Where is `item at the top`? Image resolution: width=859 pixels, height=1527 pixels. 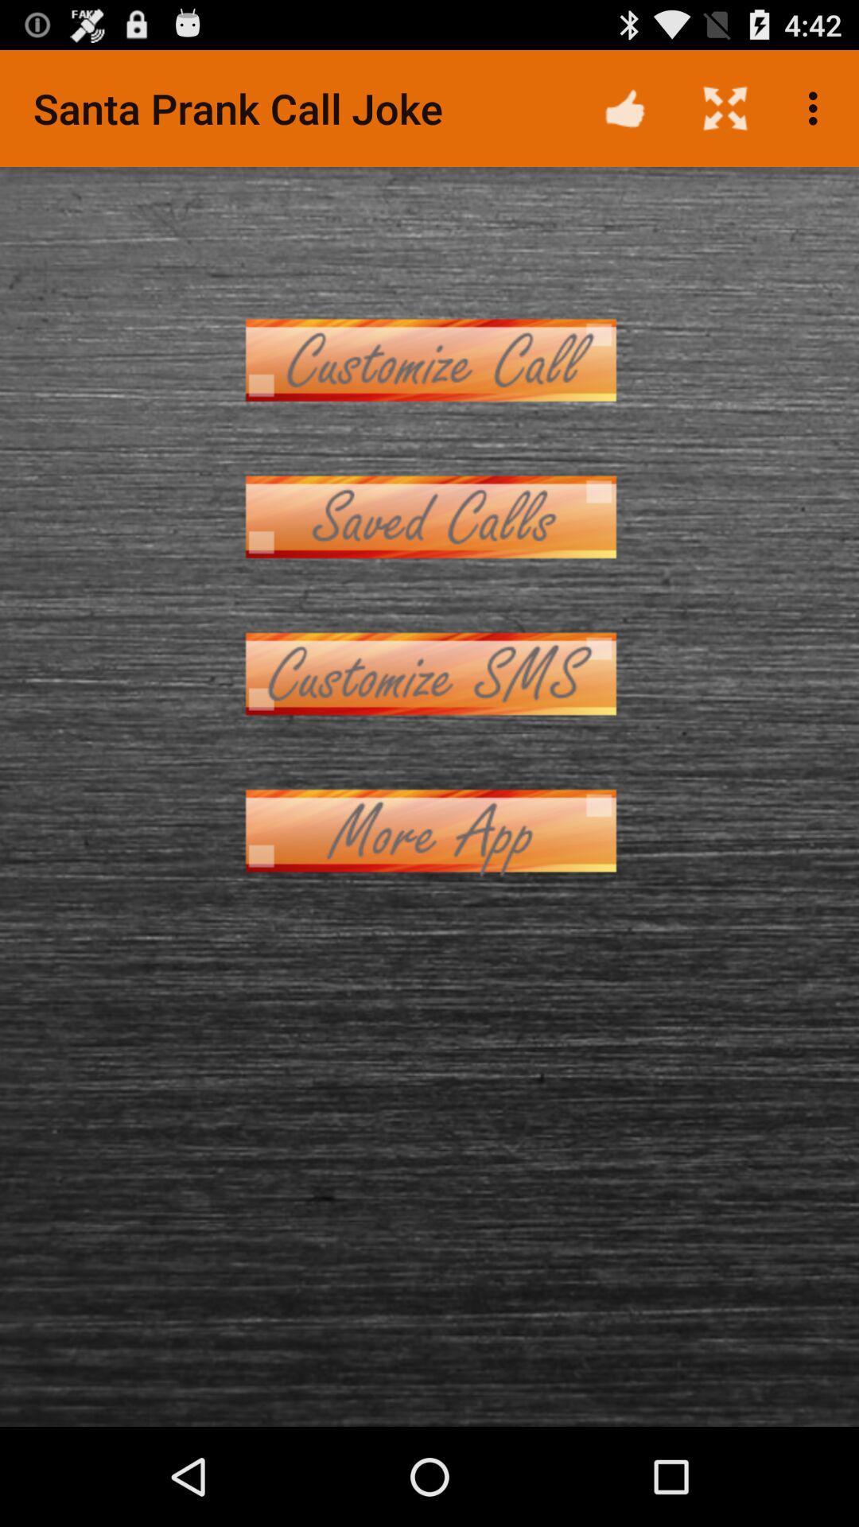
item at the top is located at coordinates (429, 359).